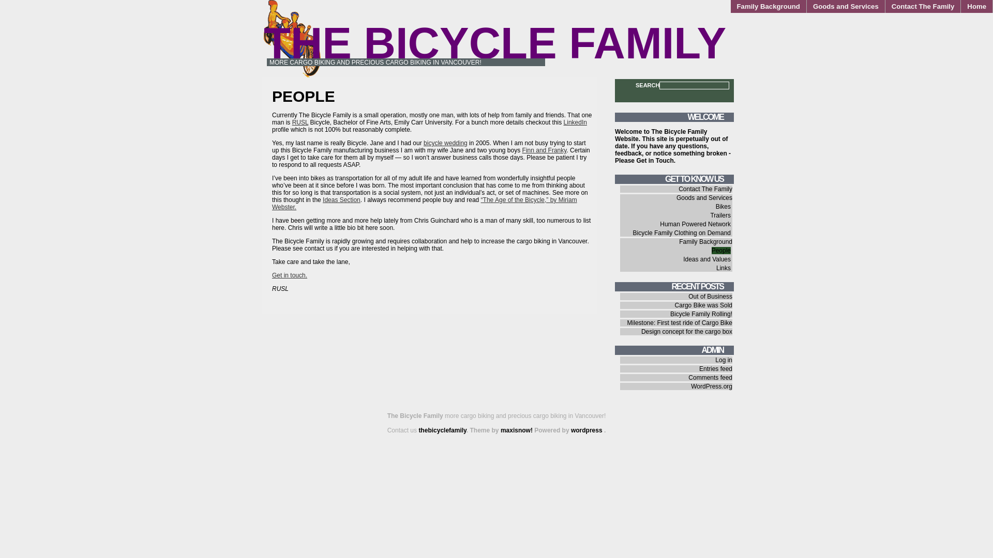  I want to click on 'People', so click(720, 251).